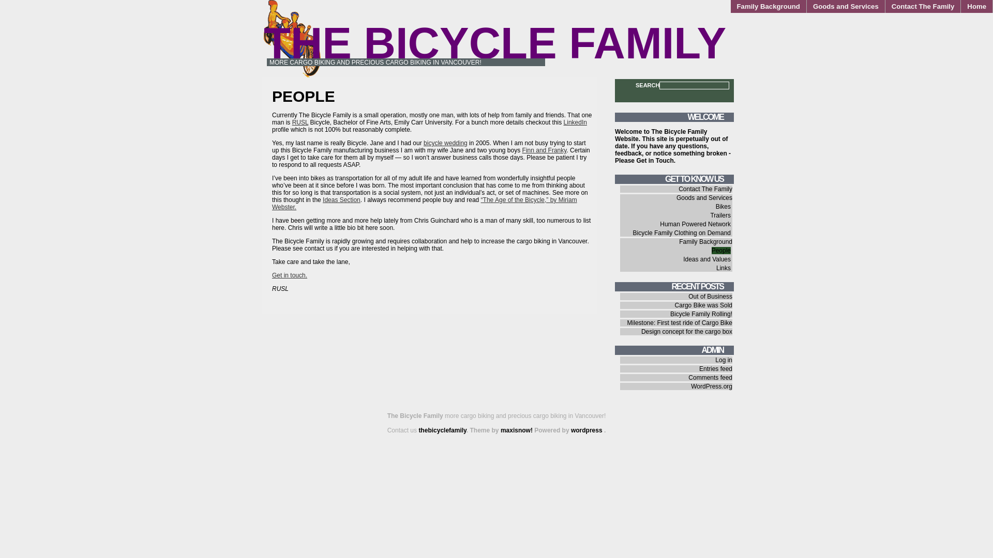  I want to click on 'People', so click(720, 251).